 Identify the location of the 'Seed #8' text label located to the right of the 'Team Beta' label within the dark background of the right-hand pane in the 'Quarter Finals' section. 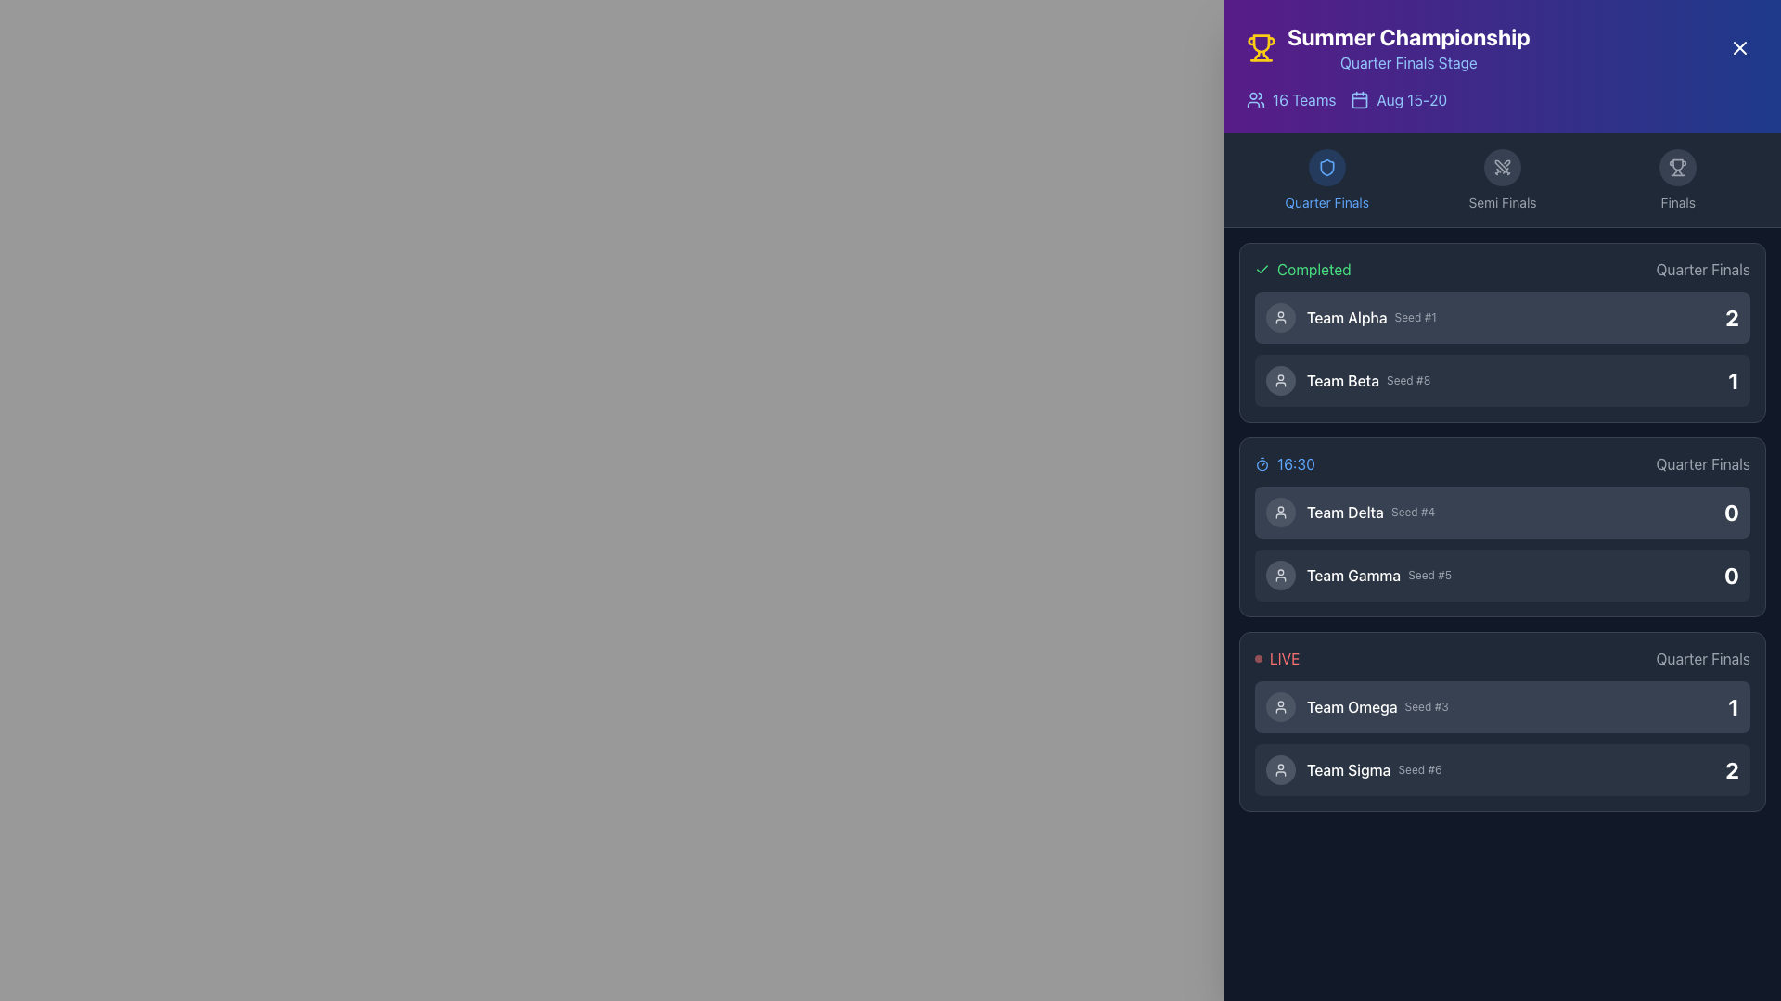
(1408, 380).